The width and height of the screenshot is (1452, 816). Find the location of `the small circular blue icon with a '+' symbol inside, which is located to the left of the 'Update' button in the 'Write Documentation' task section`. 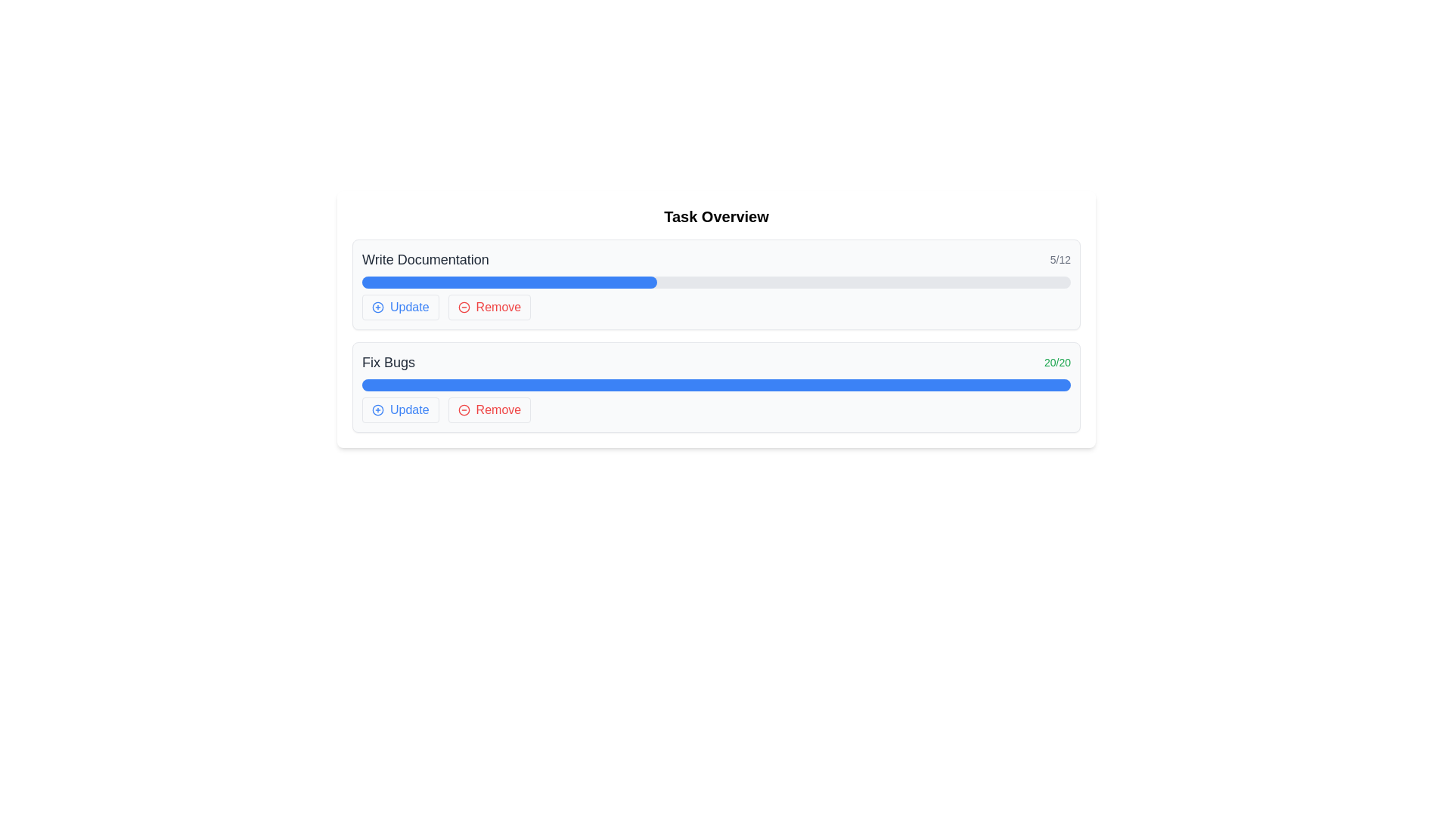

the small circular blue icon with a '+' symbol inside, which is located to the left of the 'Update' button in the 'Write Documentation' task section is located at coordinates (377, 307).